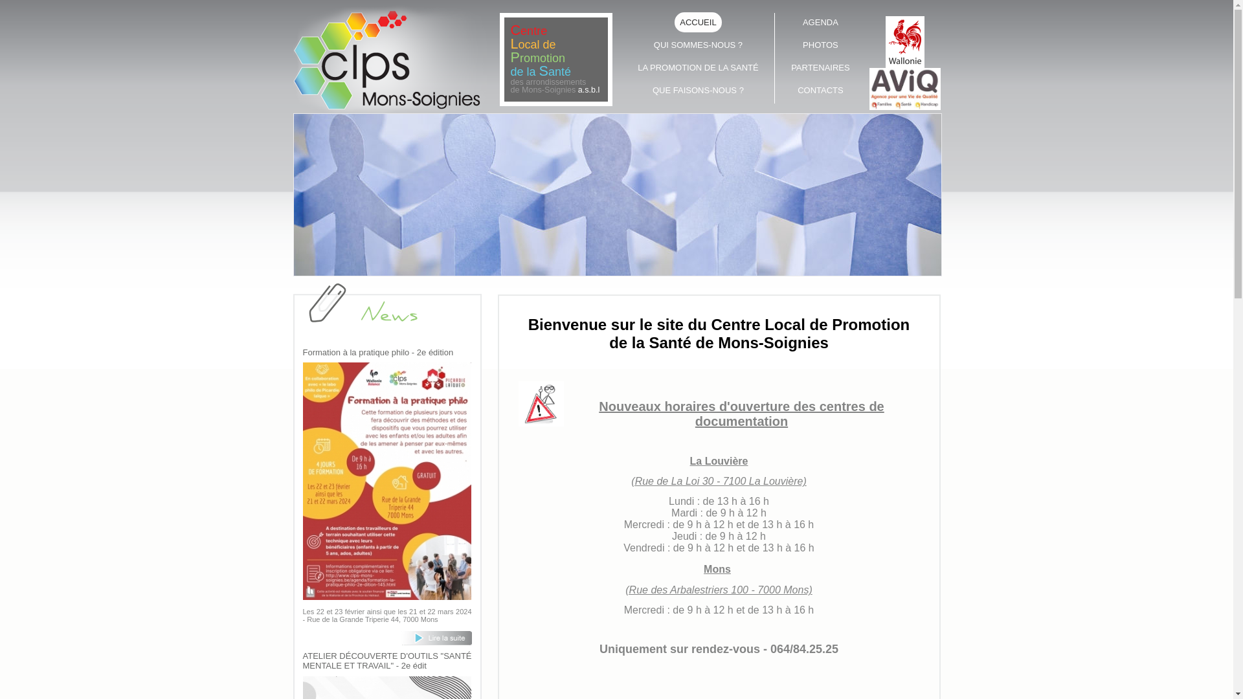 Image resolution: width=1243 pixels, height=699 pixels. What do you see at coordinates (631, 89) in the screenshot?
I see `'QUE FAISONS-NOUS ?'` at bounding box center [631, 89].